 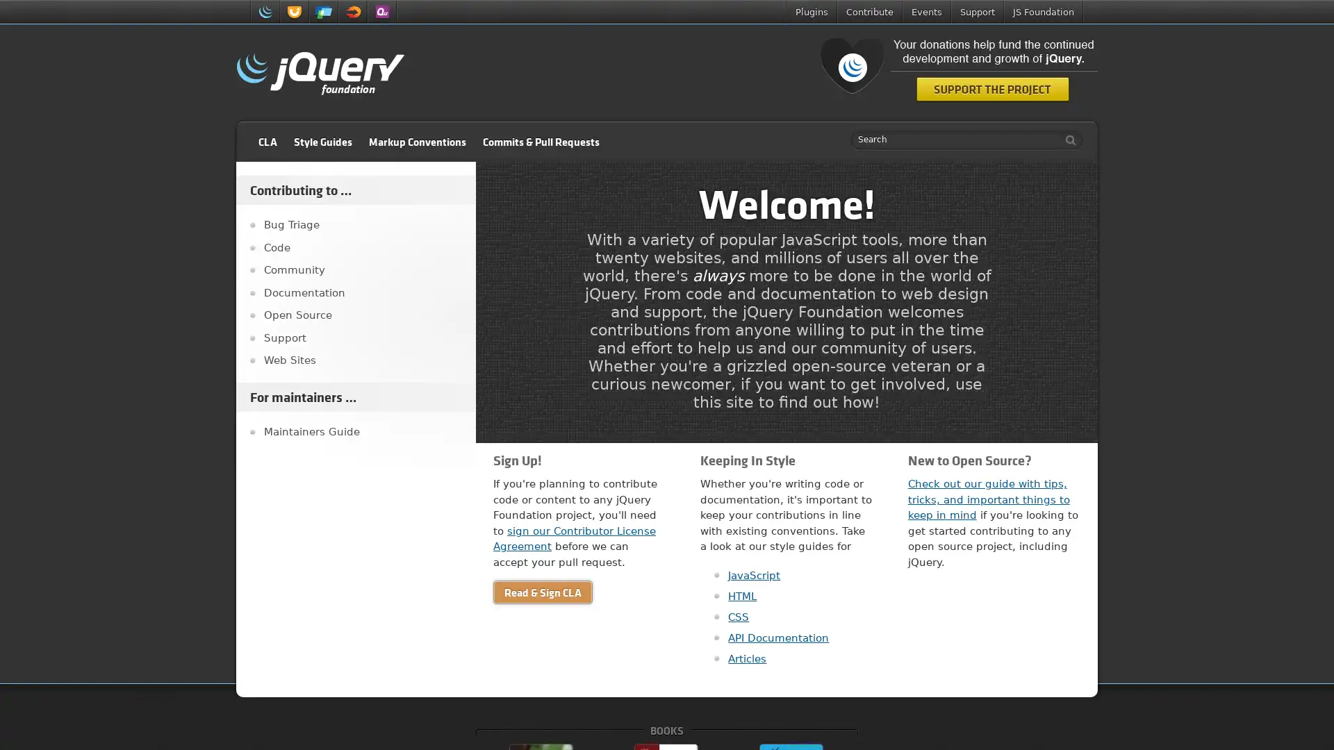 I want to click on search, so click(x=1067, y=140).